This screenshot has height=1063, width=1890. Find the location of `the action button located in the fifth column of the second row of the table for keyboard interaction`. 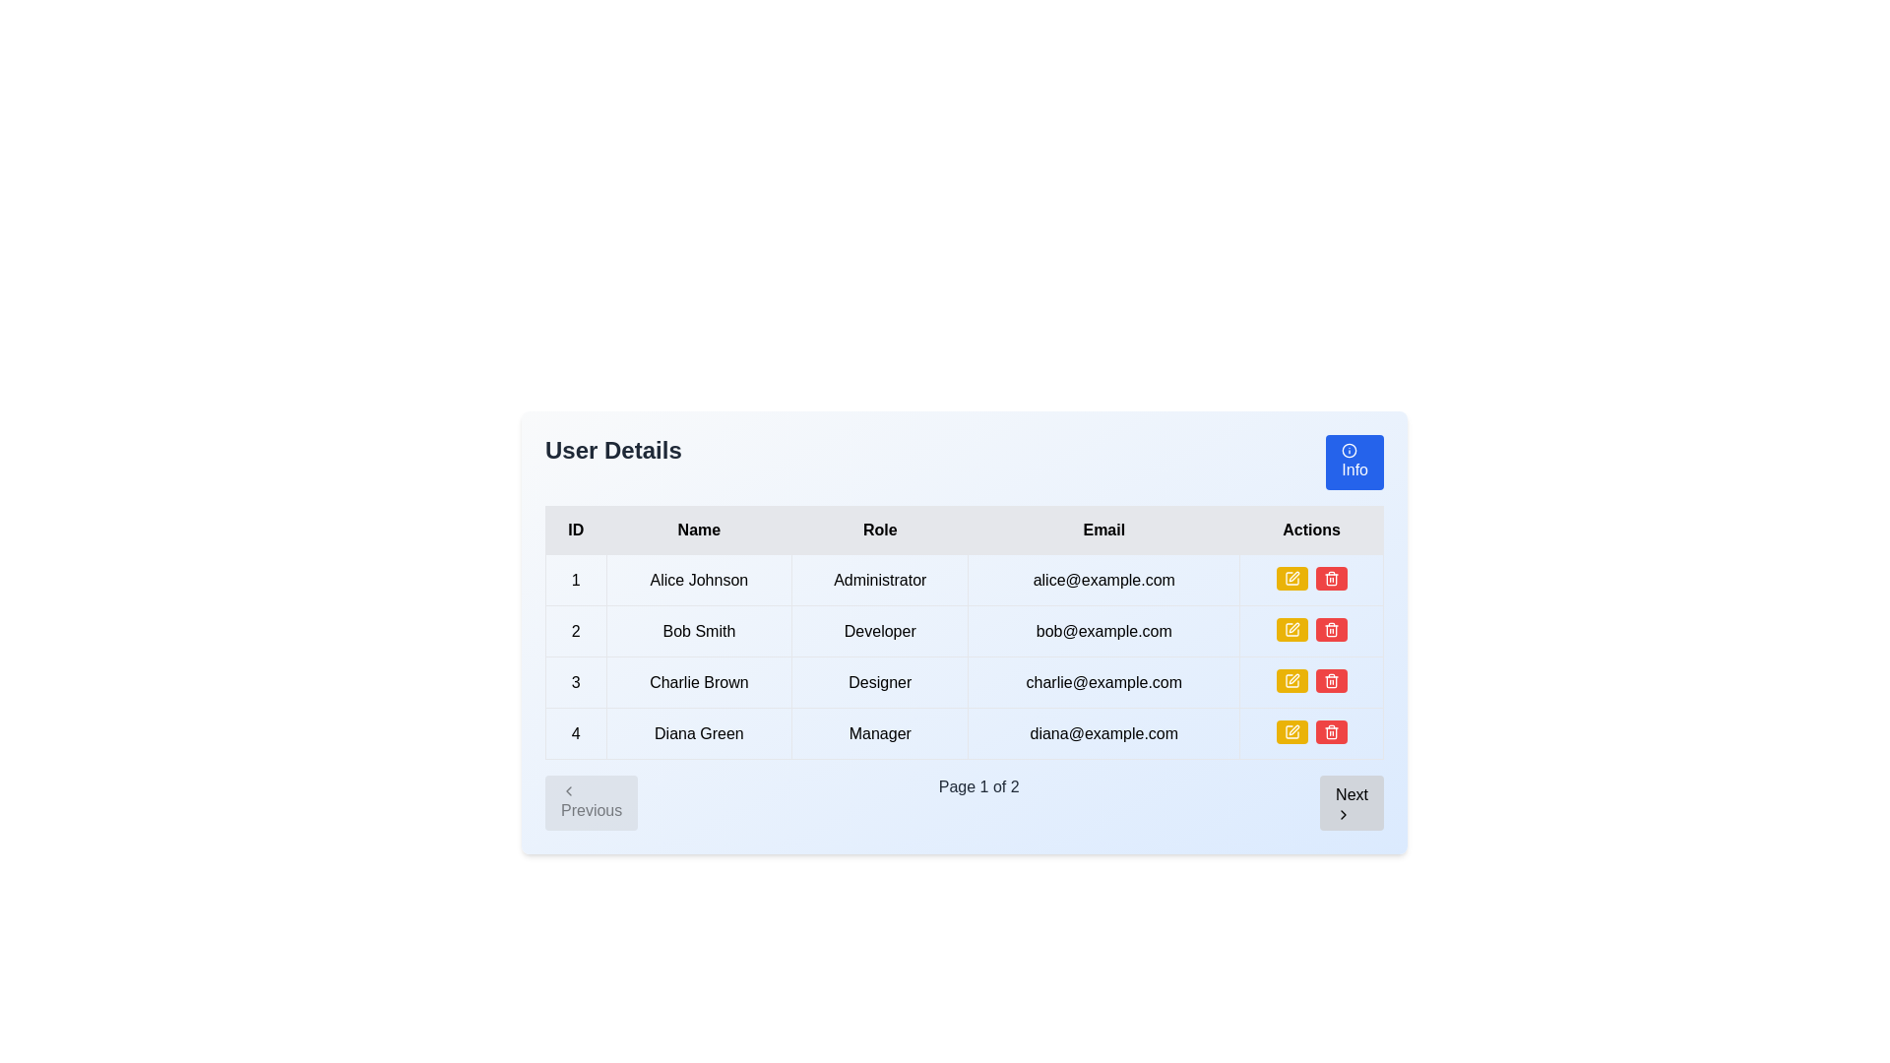

the action button located in the fifth column of the second row of the table for keyboard interaction is located at coordinates (1311, 631).